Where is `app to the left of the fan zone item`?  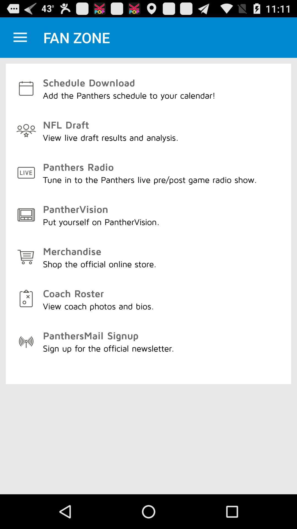
app to the left of the fan zone item is located at coordinates (20, 37).